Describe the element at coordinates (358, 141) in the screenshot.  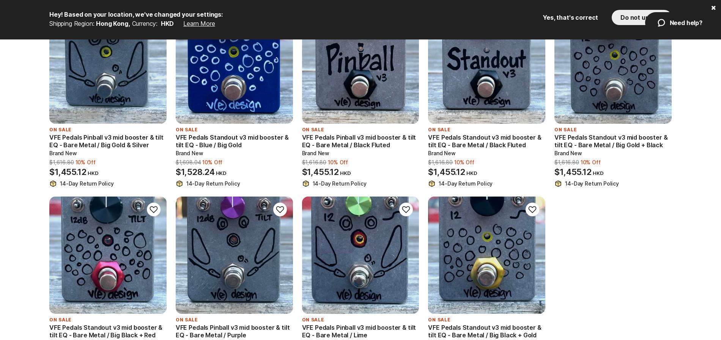
I see `'VFE Pedals Pinball v3 mid booster & tilt EQ - Bare Metal / Black Fluted'` at that location.